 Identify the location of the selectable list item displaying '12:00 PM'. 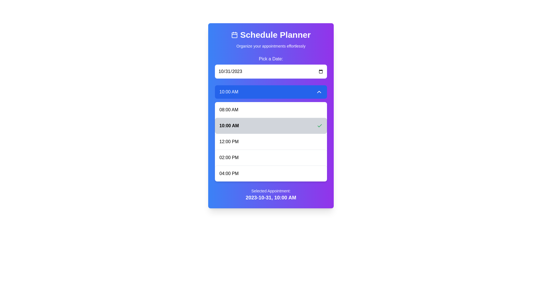
(271, 141).